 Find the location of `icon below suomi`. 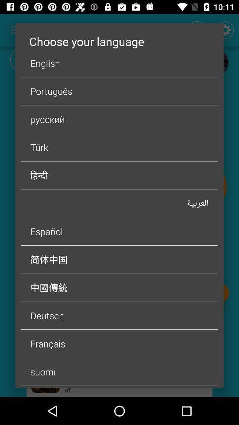

icon below suomi is located at coordinates (119, 386).